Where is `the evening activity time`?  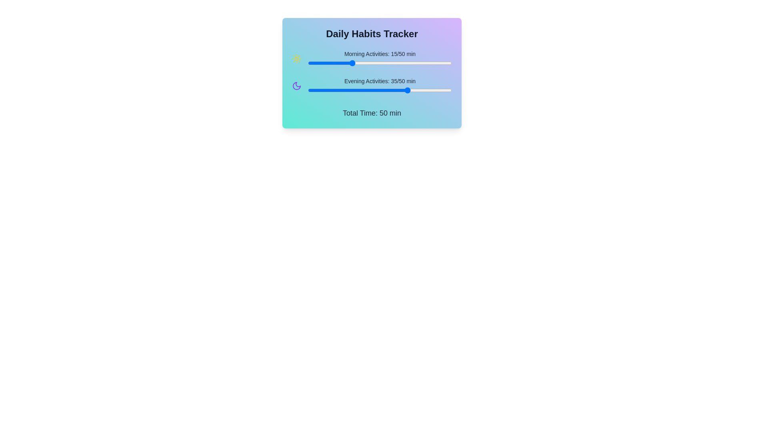
the evening activity time is located at coordinates (368, 90).